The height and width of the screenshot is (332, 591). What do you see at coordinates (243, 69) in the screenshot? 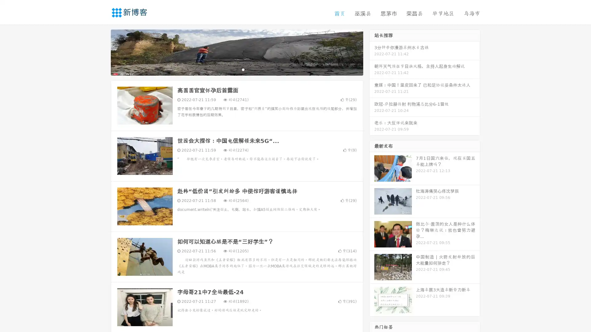
I see `Go to slide 3` at bounding box center [243, 69].